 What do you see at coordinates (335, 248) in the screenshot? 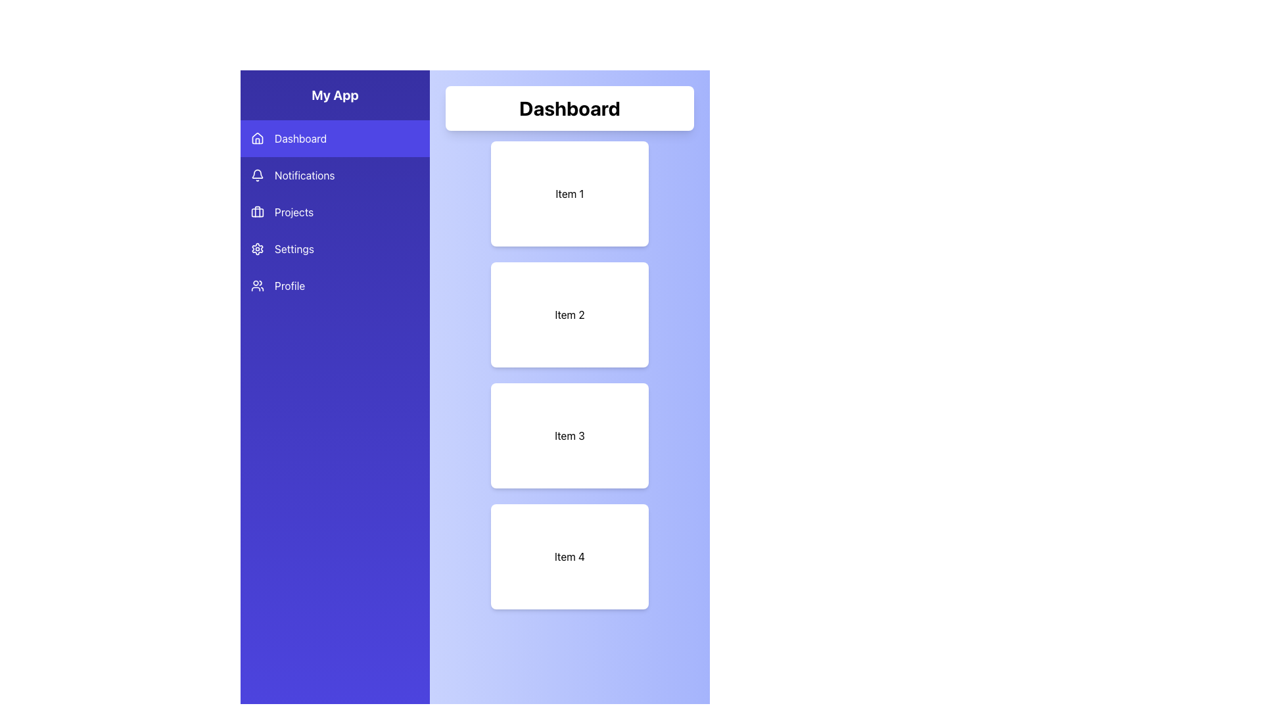
I see `the 'Settings' button in the vertical sidebar menu` at bounding box center [335, 248].